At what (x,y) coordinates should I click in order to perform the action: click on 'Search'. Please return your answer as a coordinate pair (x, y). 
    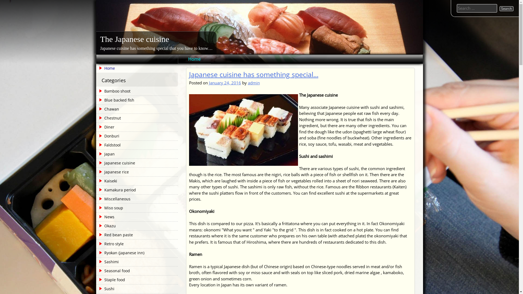
    Looking at the image, I should click on (499, 8).